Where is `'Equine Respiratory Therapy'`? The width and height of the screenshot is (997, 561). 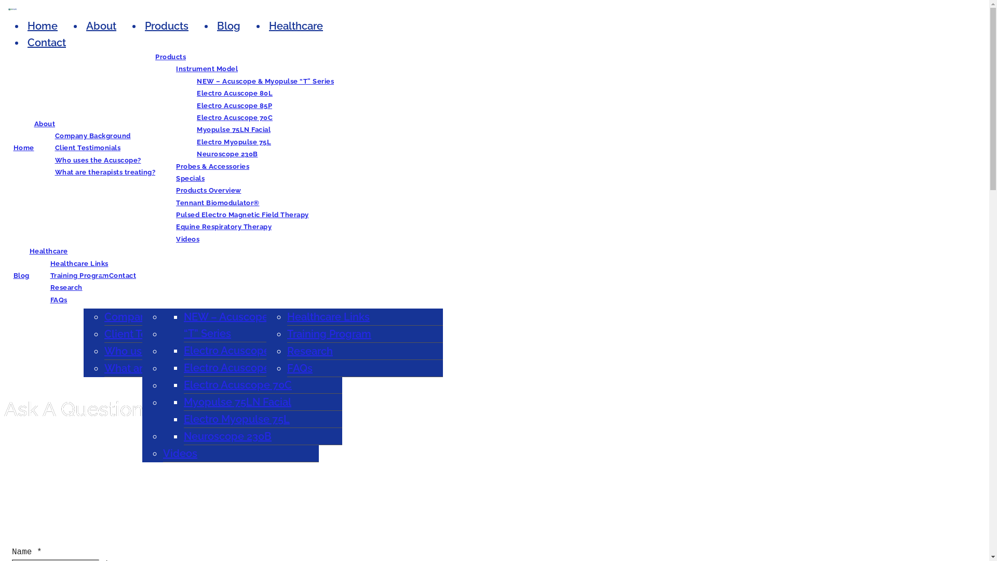
'Equine Respiratory Therapy' is located at coordinates (176, 226).